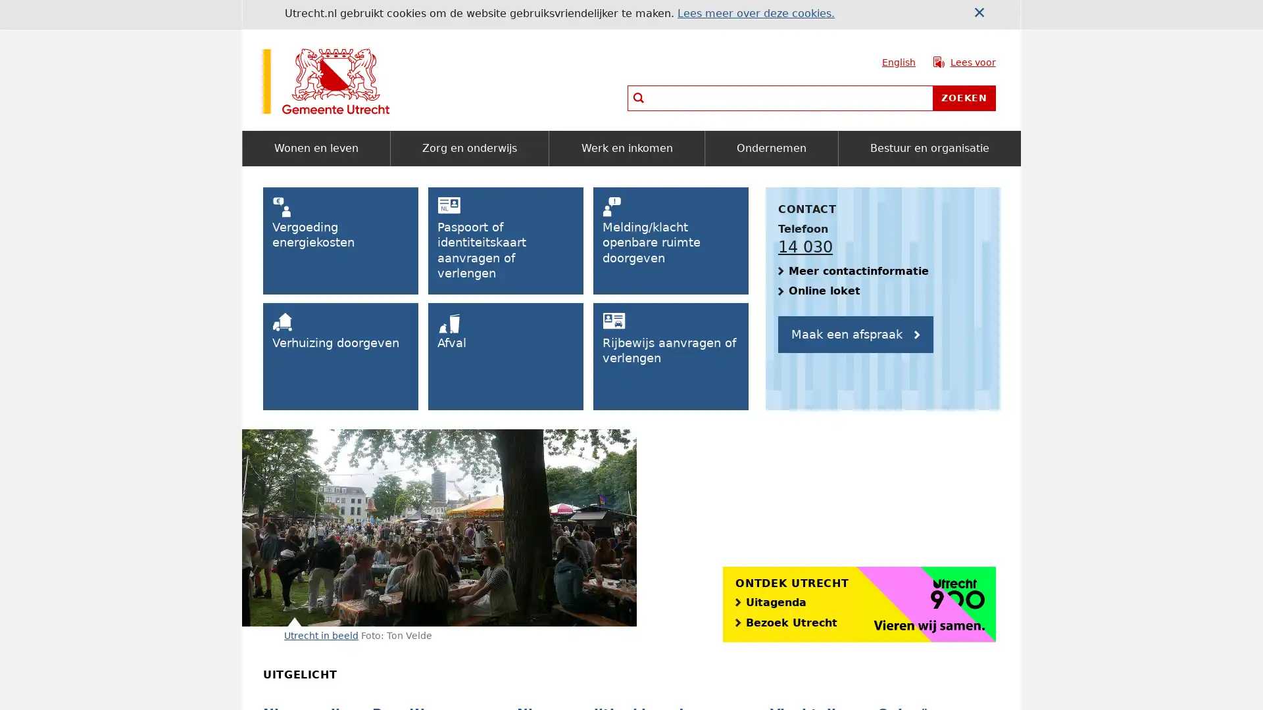 The image size is (1263, 710). Describe the element at coordinates (964, 62) in the screenshot. I see `Lees voor` at that location.